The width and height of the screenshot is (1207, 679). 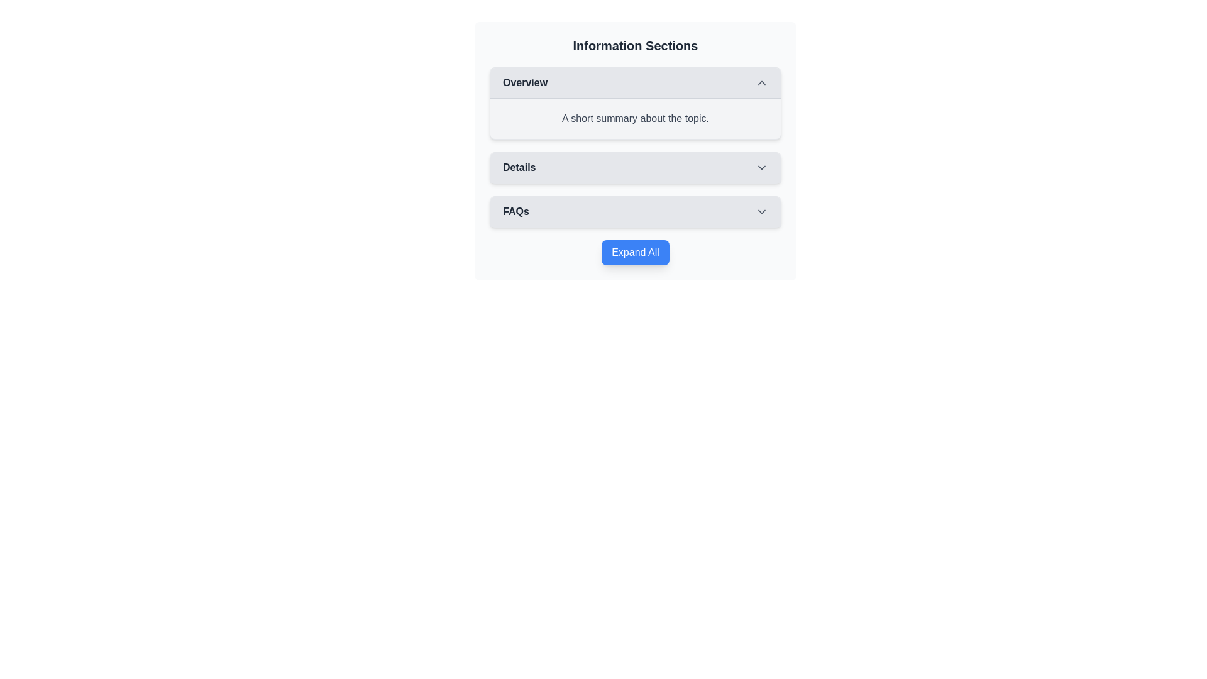 What do you see at coordinates (519, 167) in the screenshot?
I see `the 'Details' text label that serves as a heading for the associated content in the menu tab` at bounding box center [519, 167].